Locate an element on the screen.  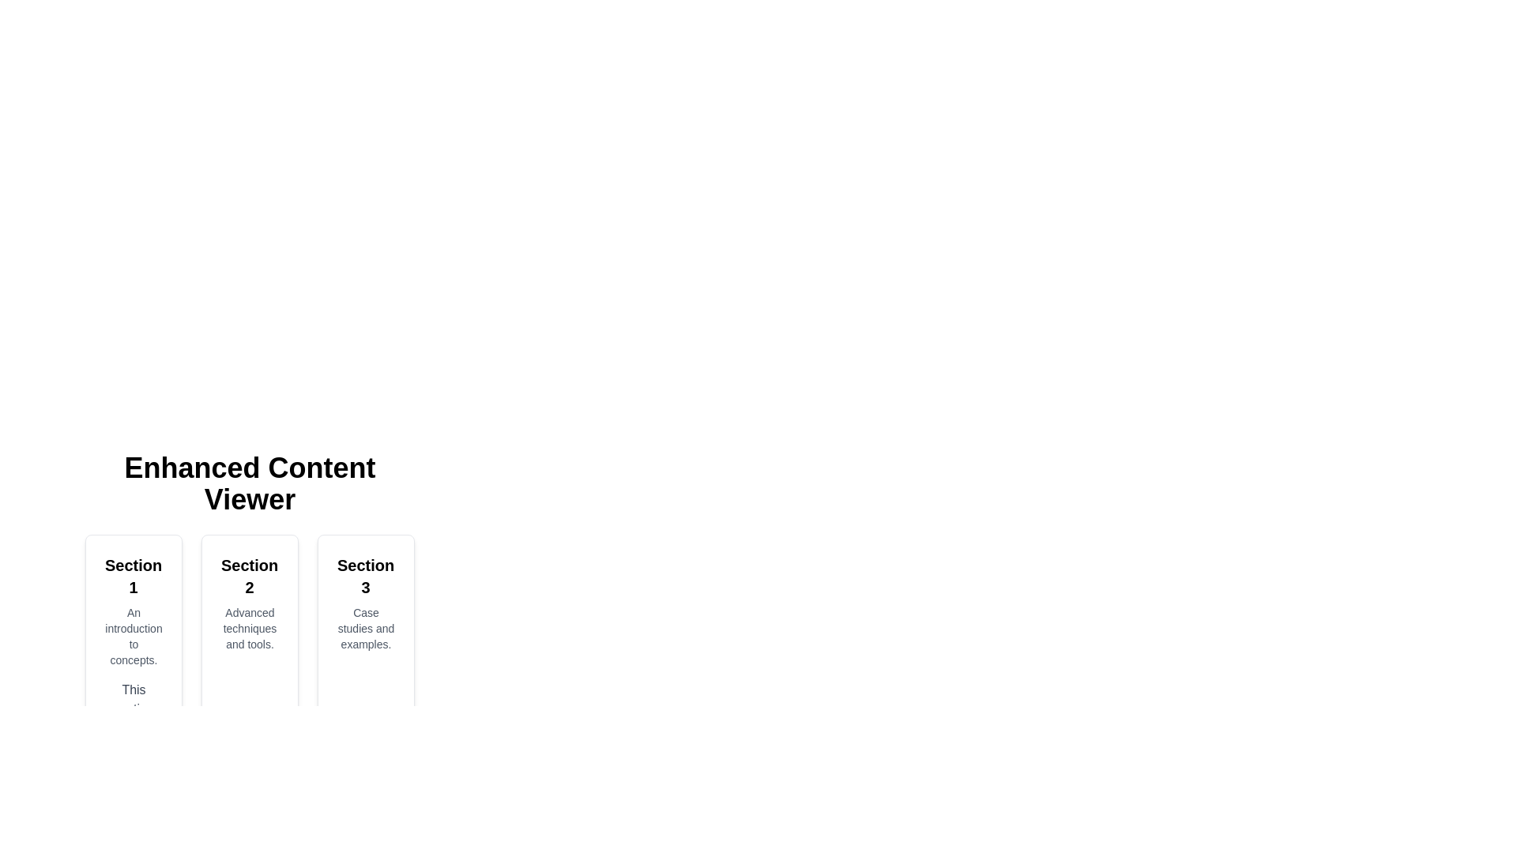
the 'Section 1' text-based header with an adjacent chevron icon for navigation is located at coordinates (134, 576).